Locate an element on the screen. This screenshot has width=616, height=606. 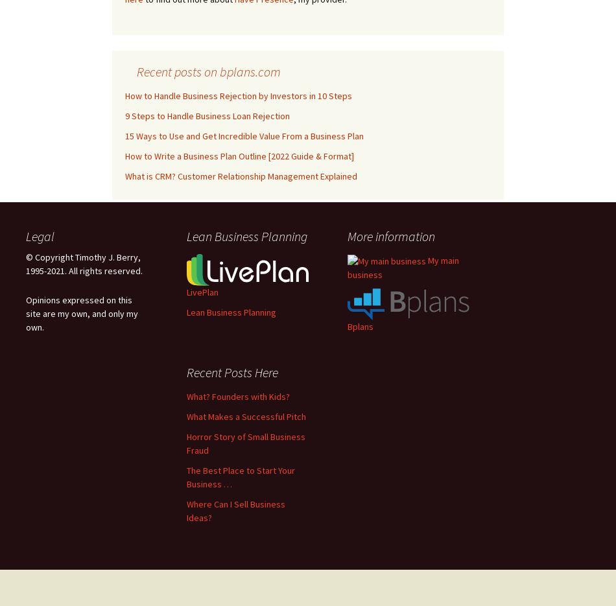
'9 Steps to Handle Business Loan Rejection' is located at coordinates (206, 115).